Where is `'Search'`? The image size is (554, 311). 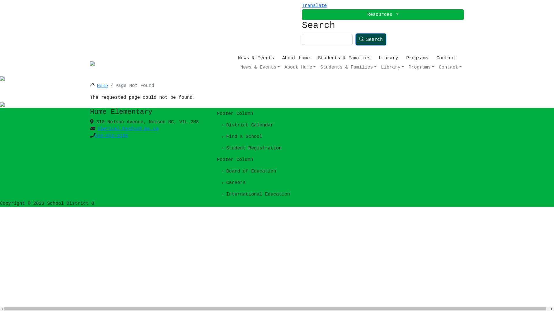 'Search' is located at coordinates (371, 39).